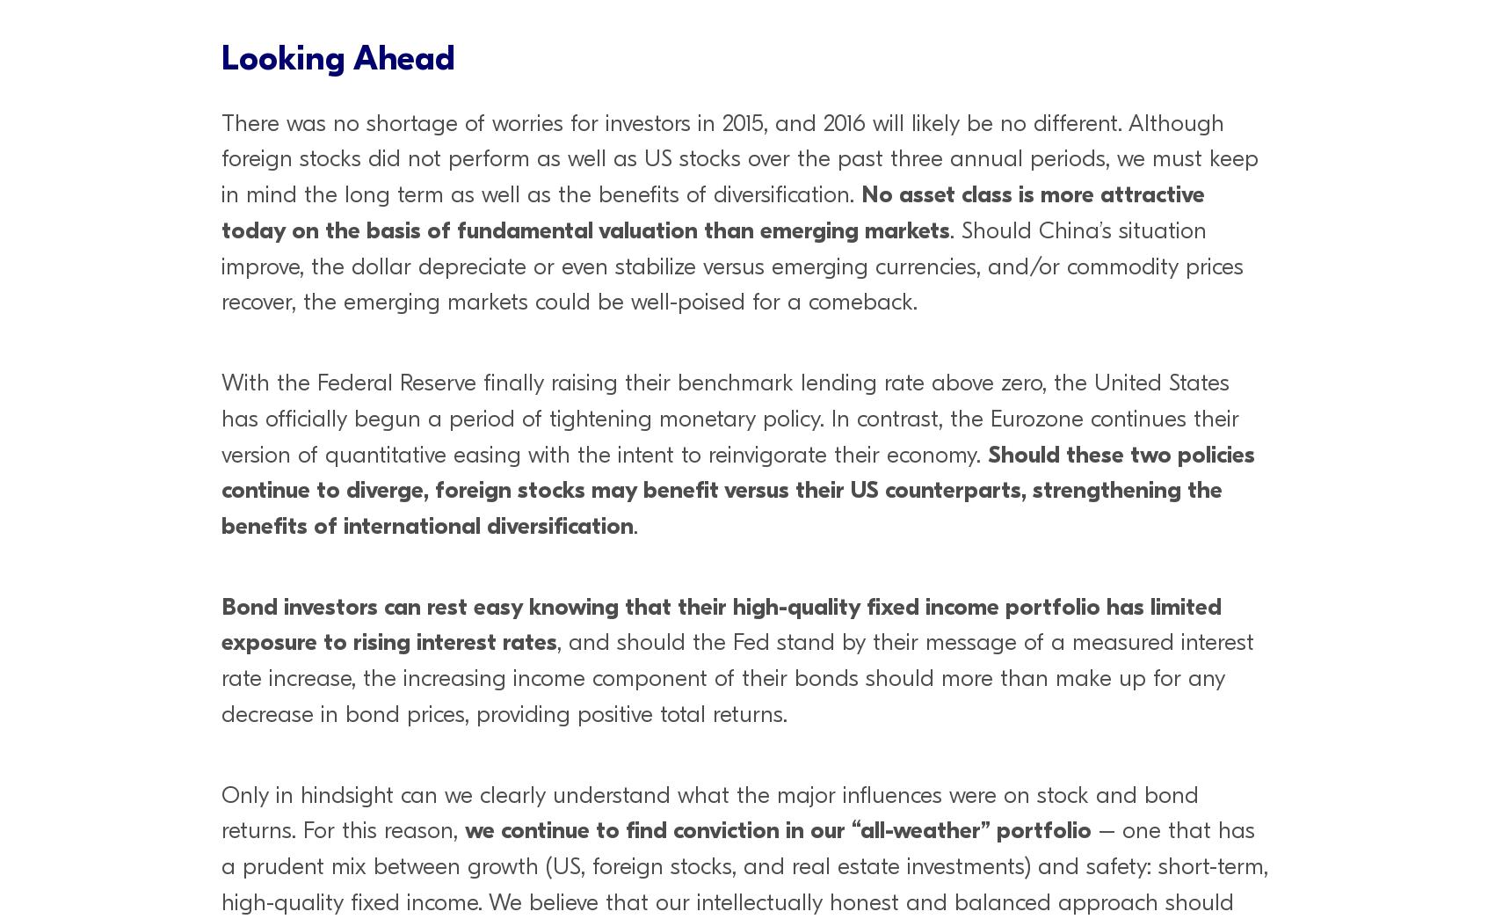 This screenshot has width=1495, height=919. I want to click on 'There was no shortage of worries for investors in 2015, and 2016 will likely be no different. Although foreign stocks did not perform as well as US stocks over the past three annual periods, we must keep in mind the long term as well as the benefits of diversification.', so click(739, 158).